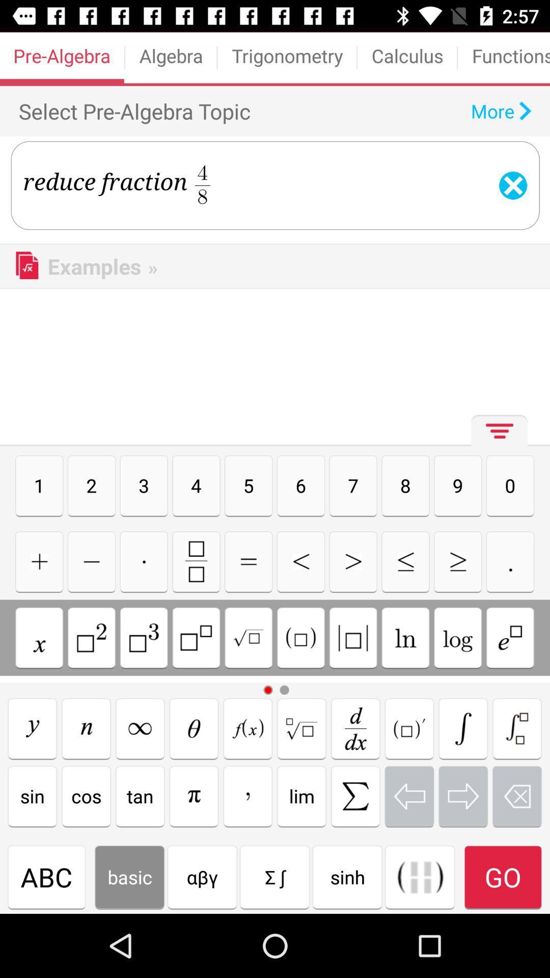  Describe the element at coordinates (405, 637) in the screenshot. I see `natural logarithm` at that location.